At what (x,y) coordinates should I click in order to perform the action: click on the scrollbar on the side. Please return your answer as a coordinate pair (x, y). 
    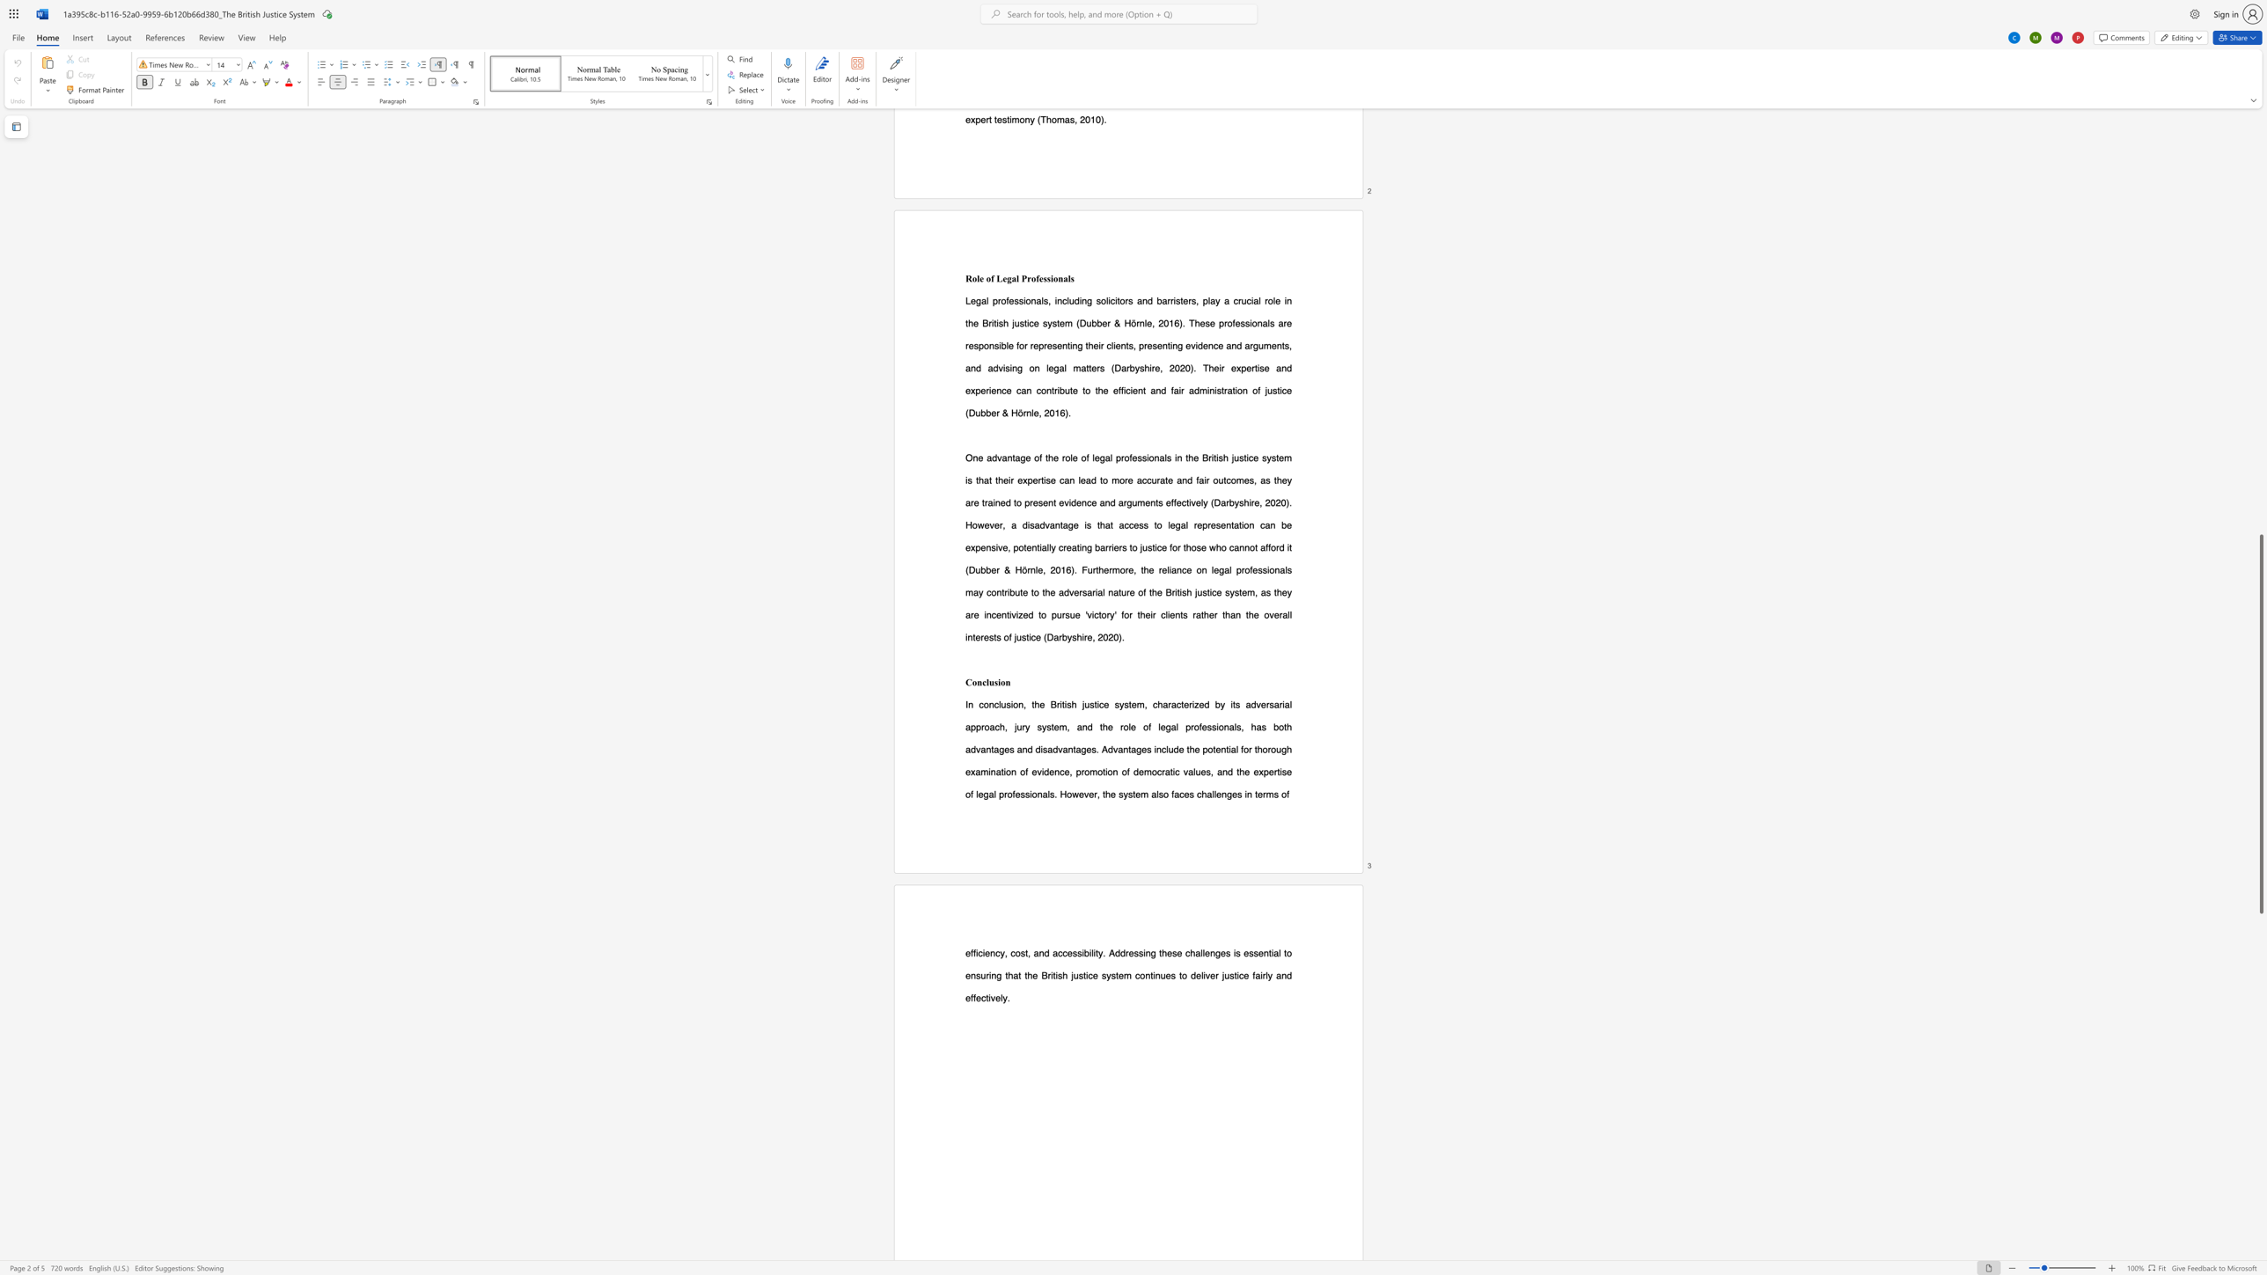
    Looking at the image, I should click on (2260, 218).